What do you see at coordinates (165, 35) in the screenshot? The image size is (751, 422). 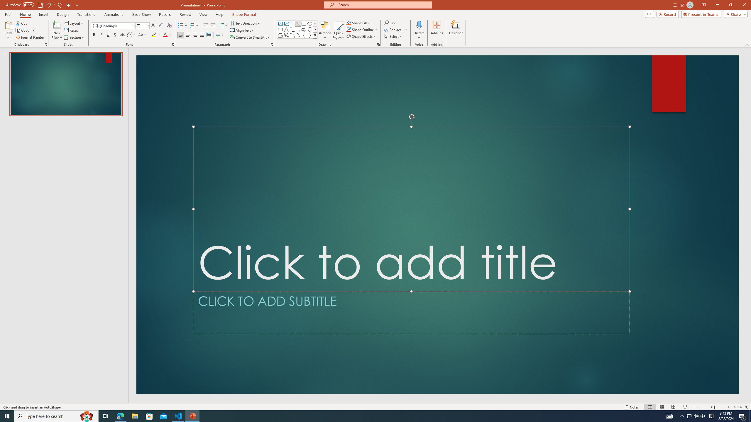 I see `'Font Color Red'` at bounding box center [165, 35].